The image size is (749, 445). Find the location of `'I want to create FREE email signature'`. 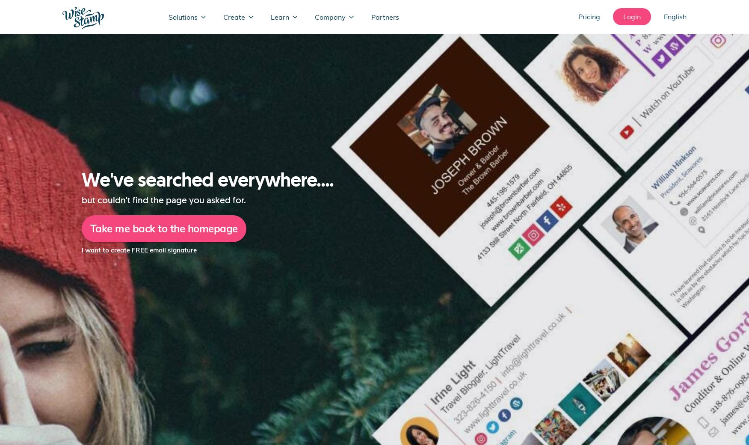

'I want to create FREE email signature' is located at coordinates (139, 249).